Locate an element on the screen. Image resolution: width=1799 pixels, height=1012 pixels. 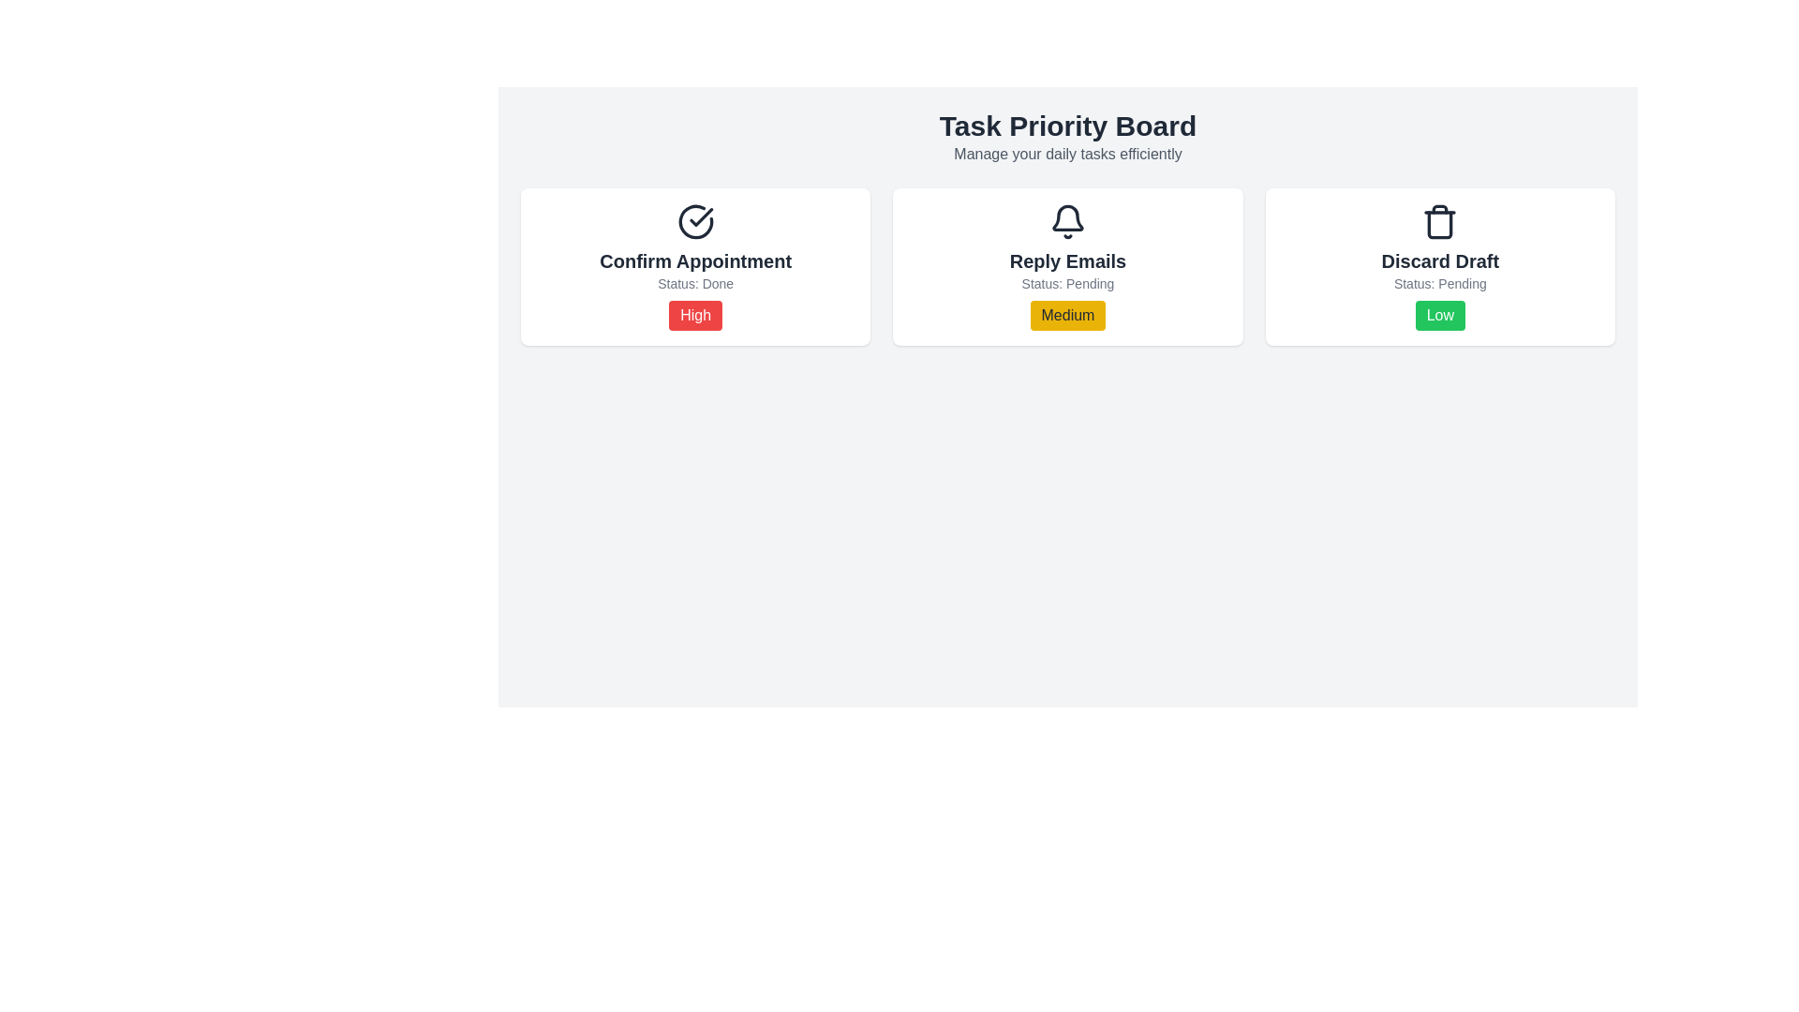
the bell icon located at the top of the 'Reply Emails' card, which serves as a notification or alert indicator is located at coordinates (1067, 220).